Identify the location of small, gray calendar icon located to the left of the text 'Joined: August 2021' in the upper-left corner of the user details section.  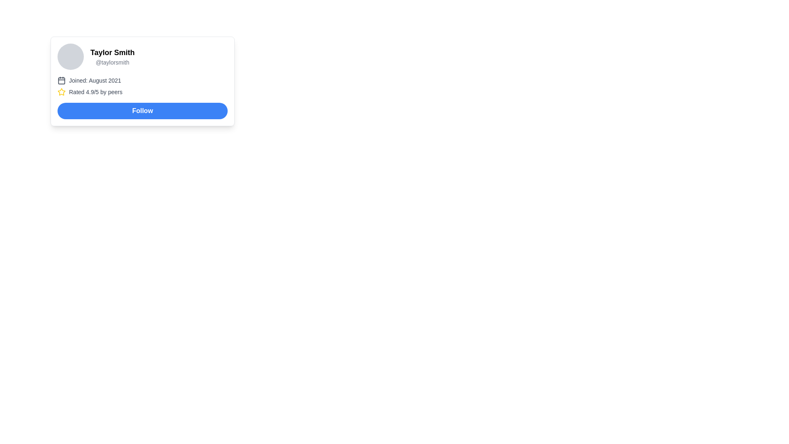
(61, 81).